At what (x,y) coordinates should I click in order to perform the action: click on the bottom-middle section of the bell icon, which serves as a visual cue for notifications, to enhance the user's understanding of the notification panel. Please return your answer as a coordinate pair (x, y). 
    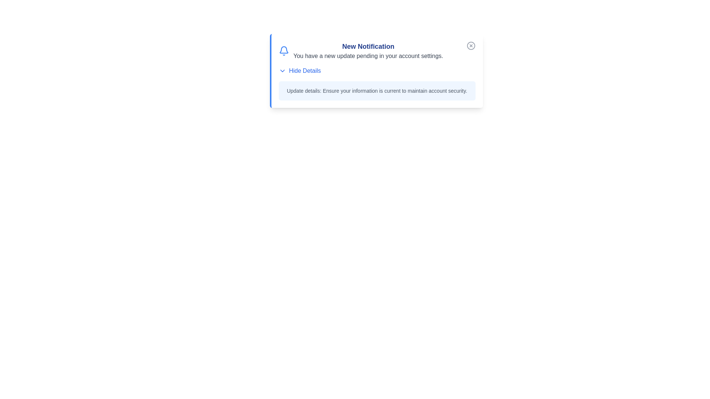
    Looking at the image, I should click on (283, 50).